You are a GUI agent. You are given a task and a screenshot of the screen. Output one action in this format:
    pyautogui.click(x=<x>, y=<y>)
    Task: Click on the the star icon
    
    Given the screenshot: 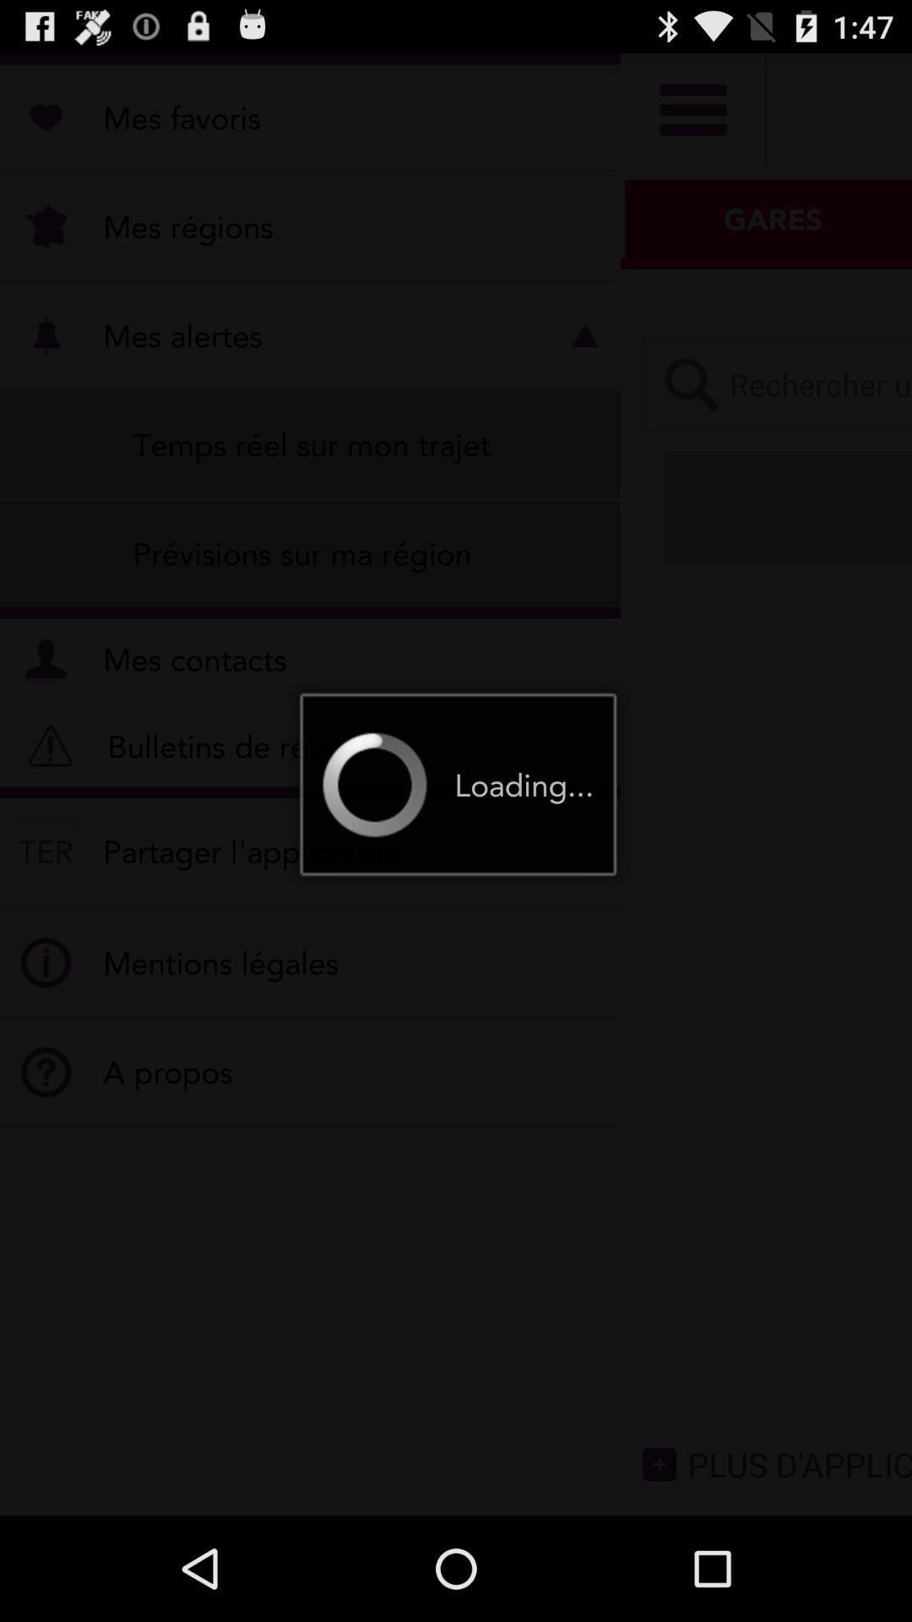 What is the action you would take?
    pyautogui.click(x=72, y=117)
    